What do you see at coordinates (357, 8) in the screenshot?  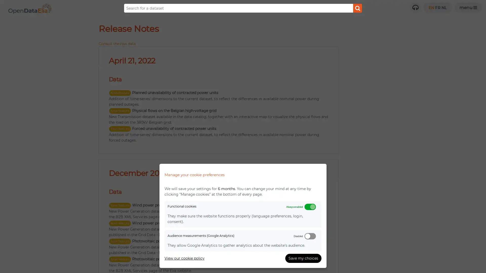 I see `Submit` at bounding box center [357, 8].